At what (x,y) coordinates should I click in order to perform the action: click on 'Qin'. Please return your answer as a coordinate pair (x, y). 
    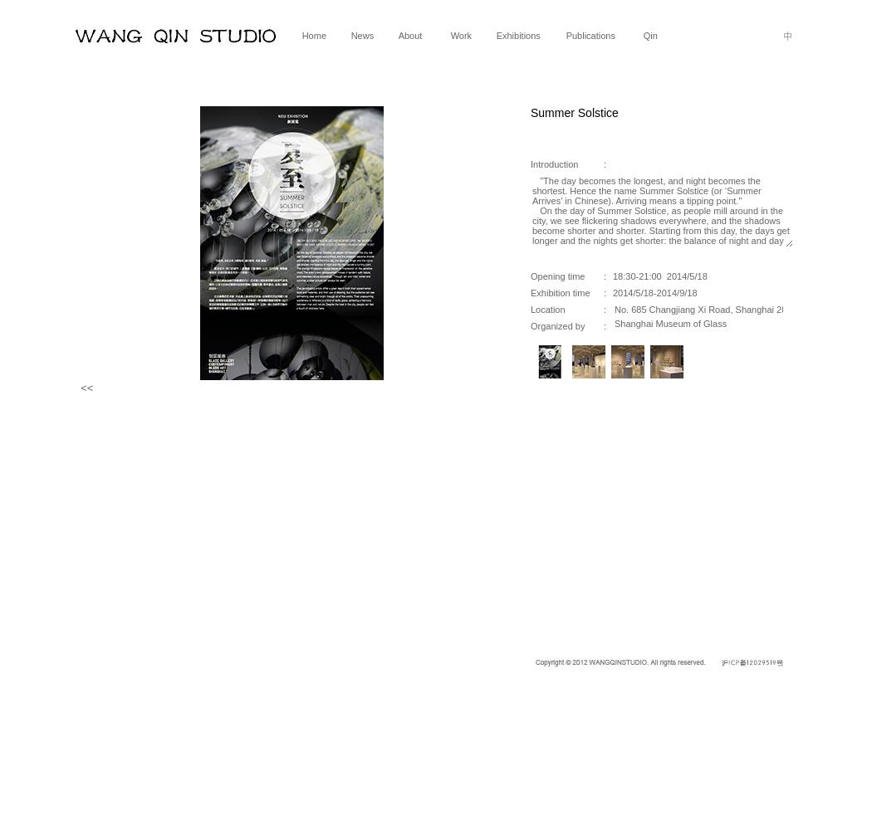
    Looking at the image, I should click on (649, 36).